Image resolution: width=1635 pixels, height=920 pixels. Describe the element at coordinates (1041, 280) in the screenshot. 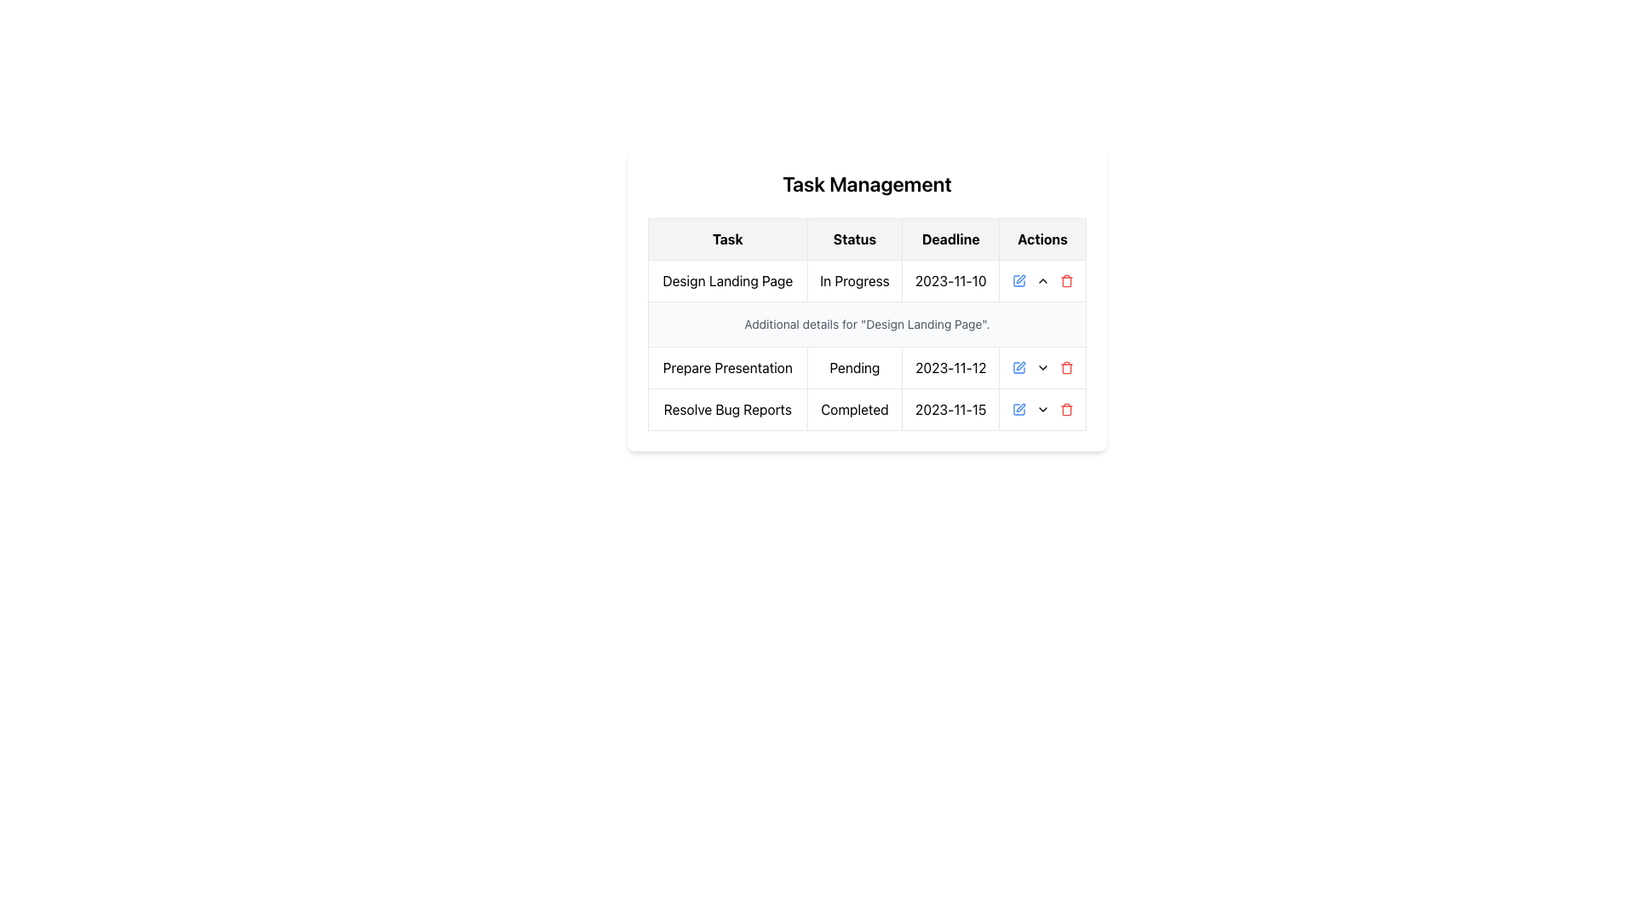

I see `the small upward-pointing chevron icon in the third row of the 'Actions' column of the table` at that location.